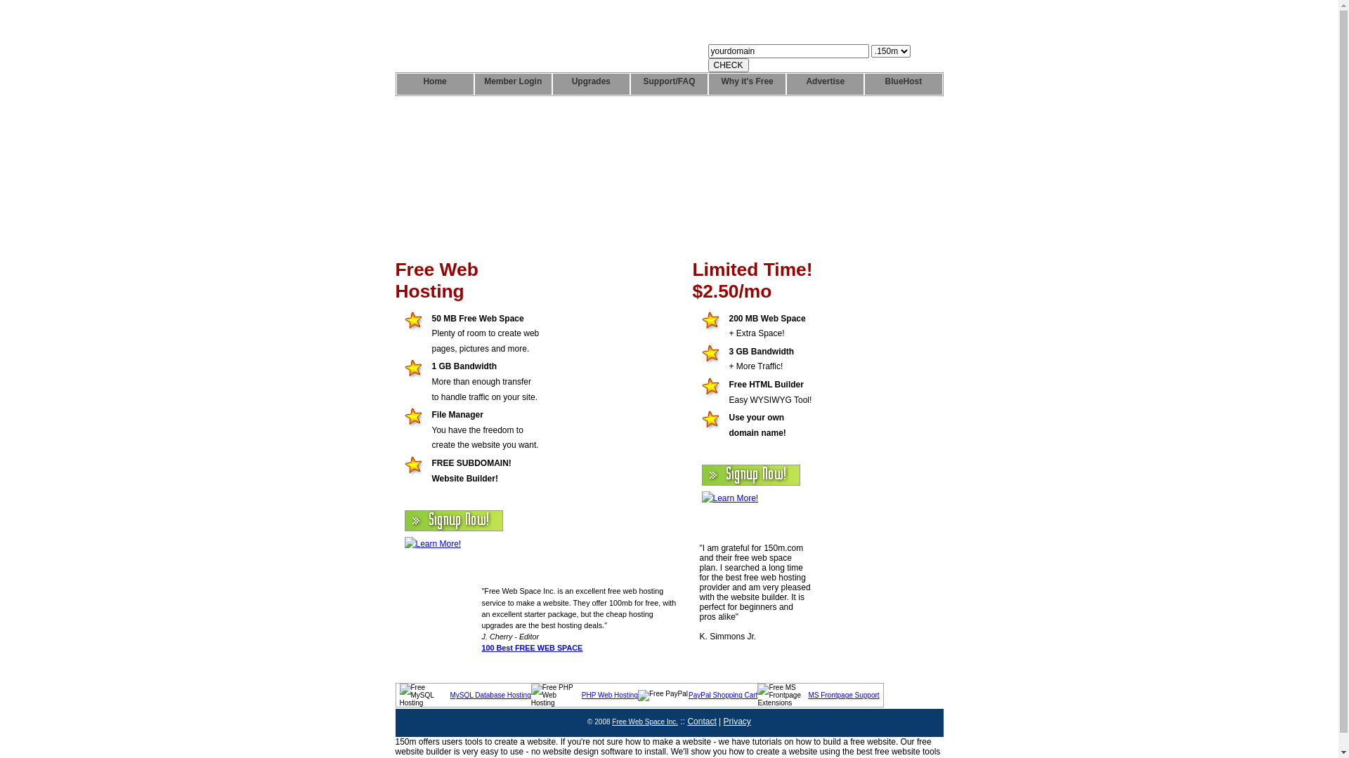 The image size is (1349, 758). What do you see at coordinates (843, 695) in the screenshot?
I see `'MS Frontpage Support'` at bounding box center [843, 695].